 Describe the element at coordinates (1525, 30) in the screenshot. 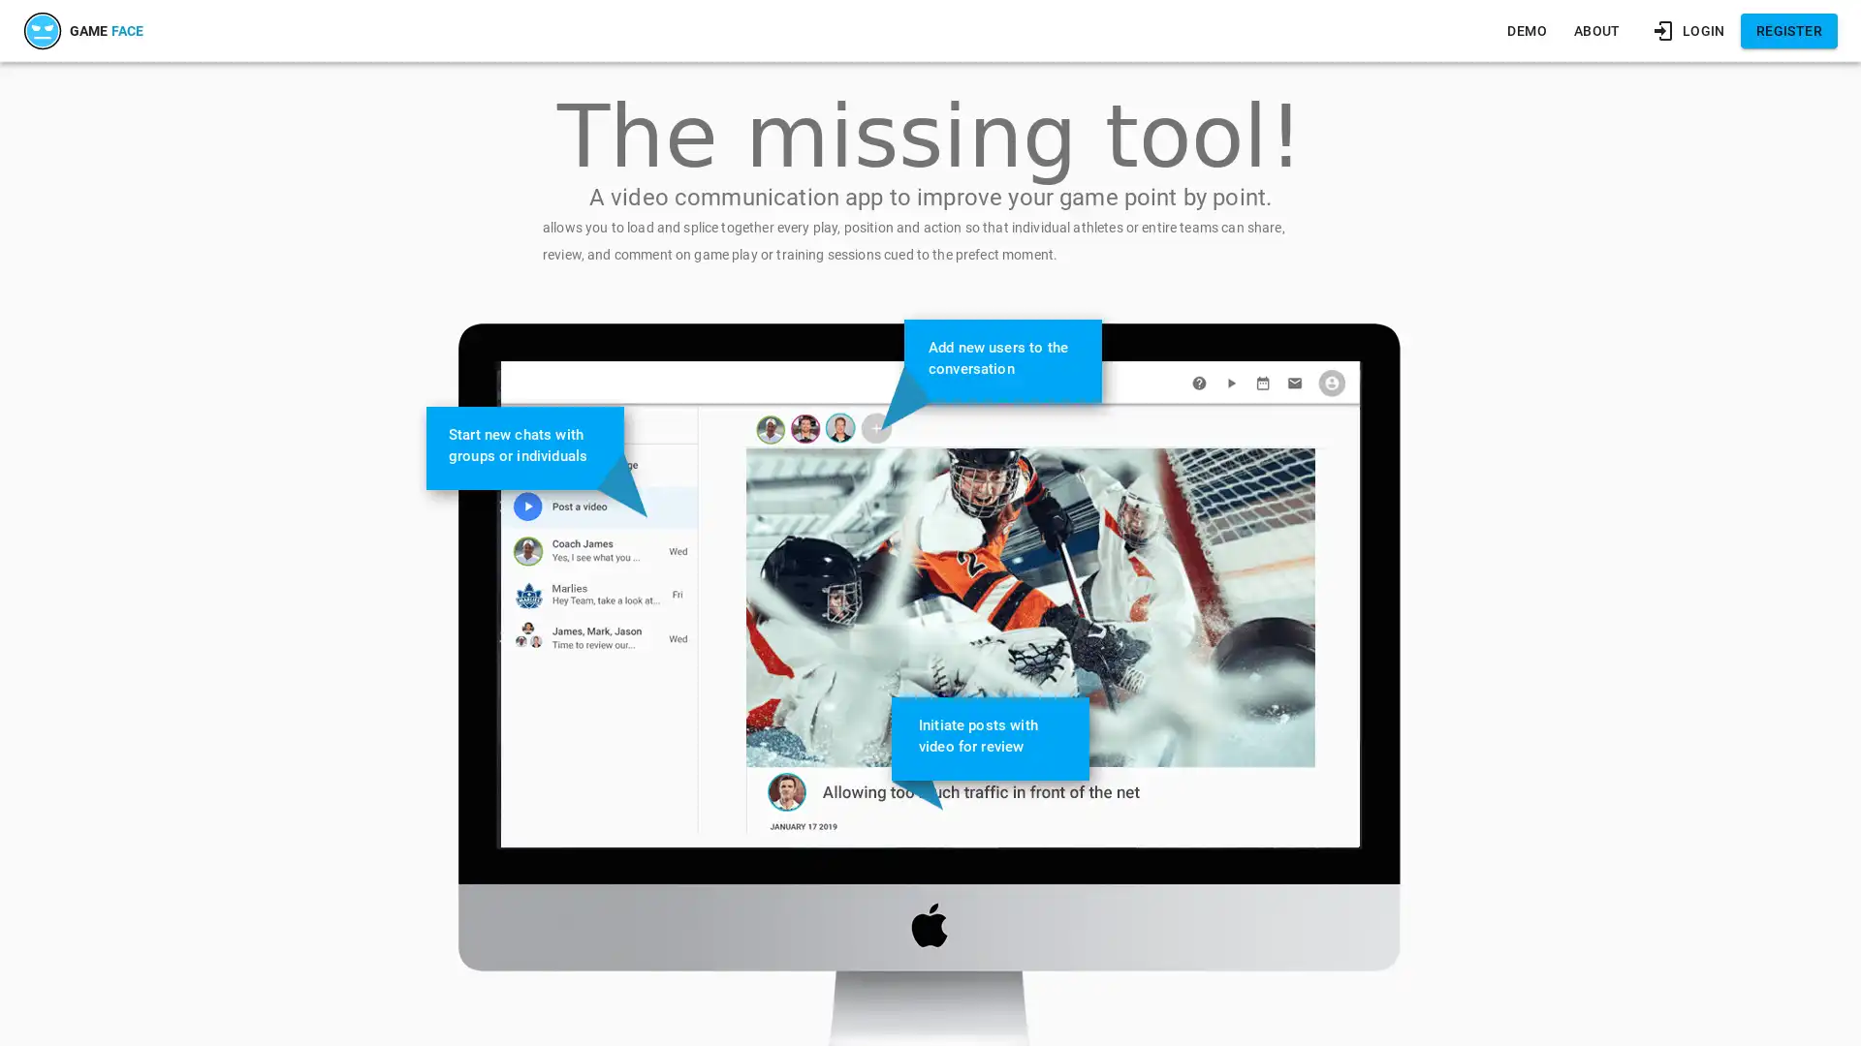

I see `DEMO` at that location.